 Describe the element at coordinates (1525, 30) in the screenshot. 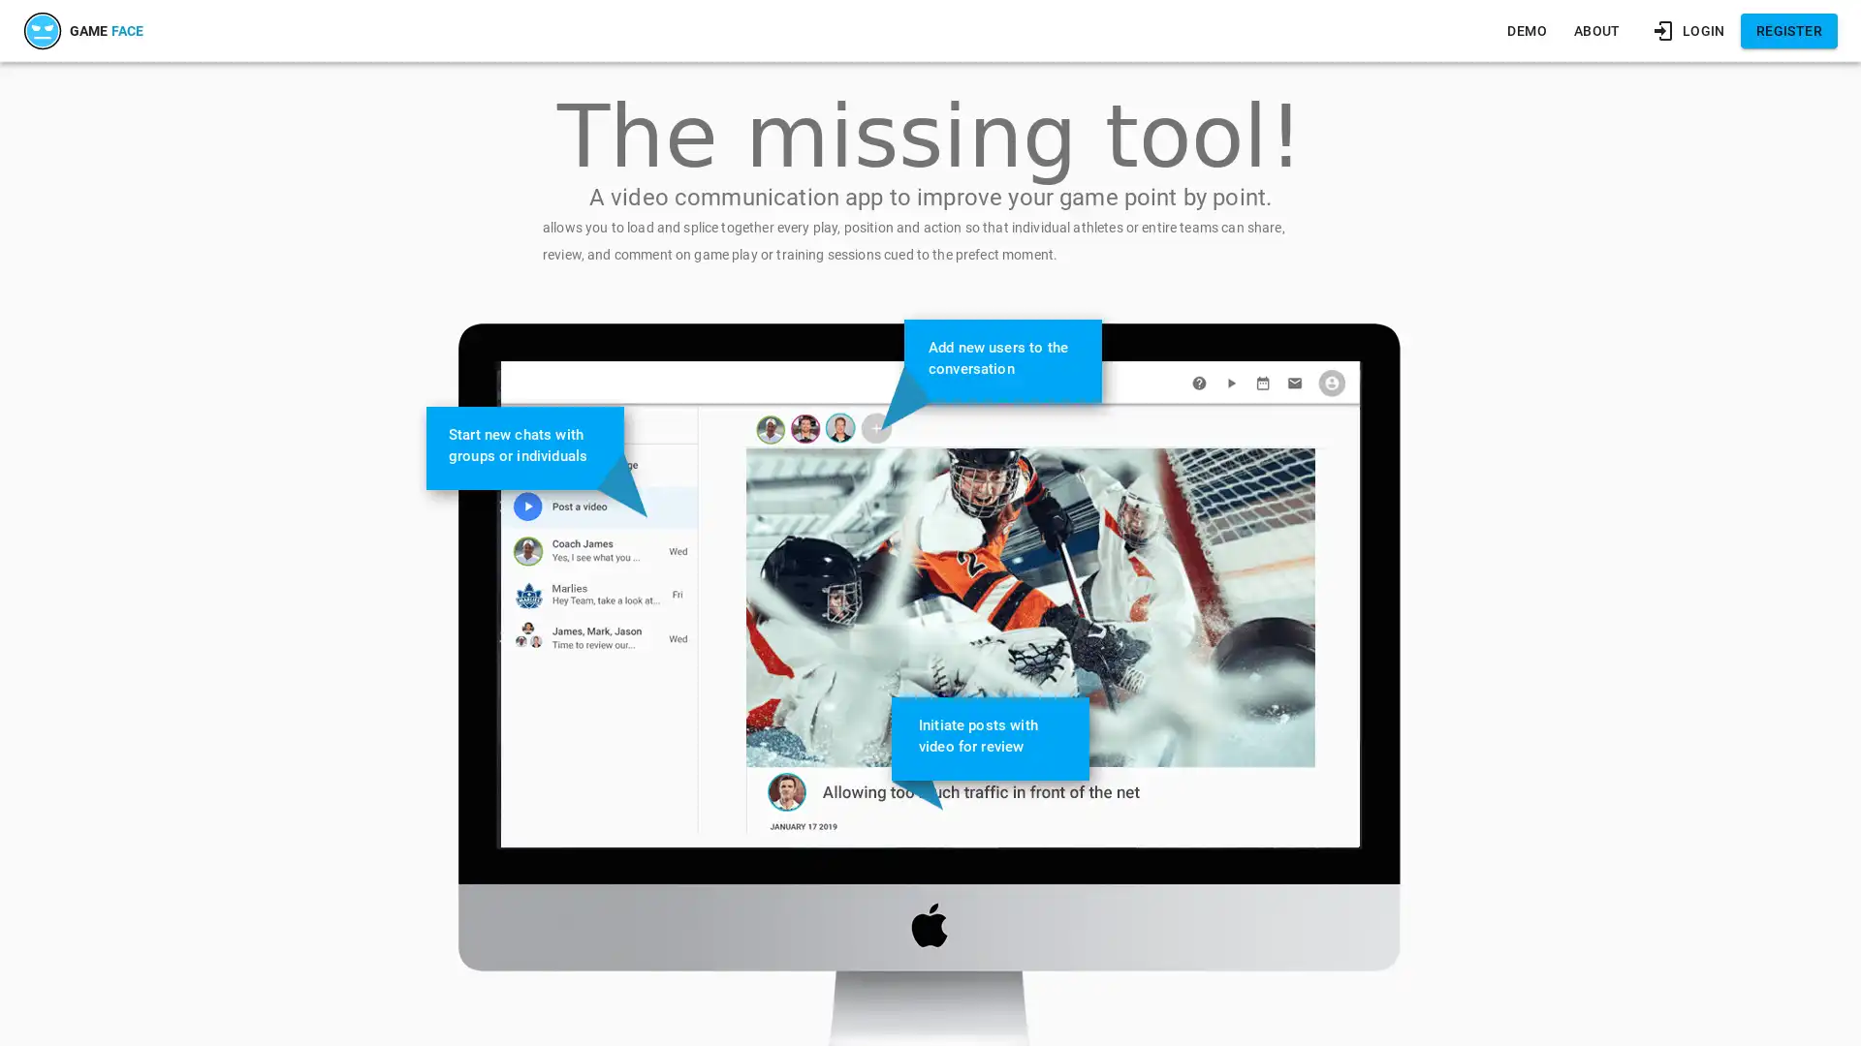

I see `DEMO` at that location.